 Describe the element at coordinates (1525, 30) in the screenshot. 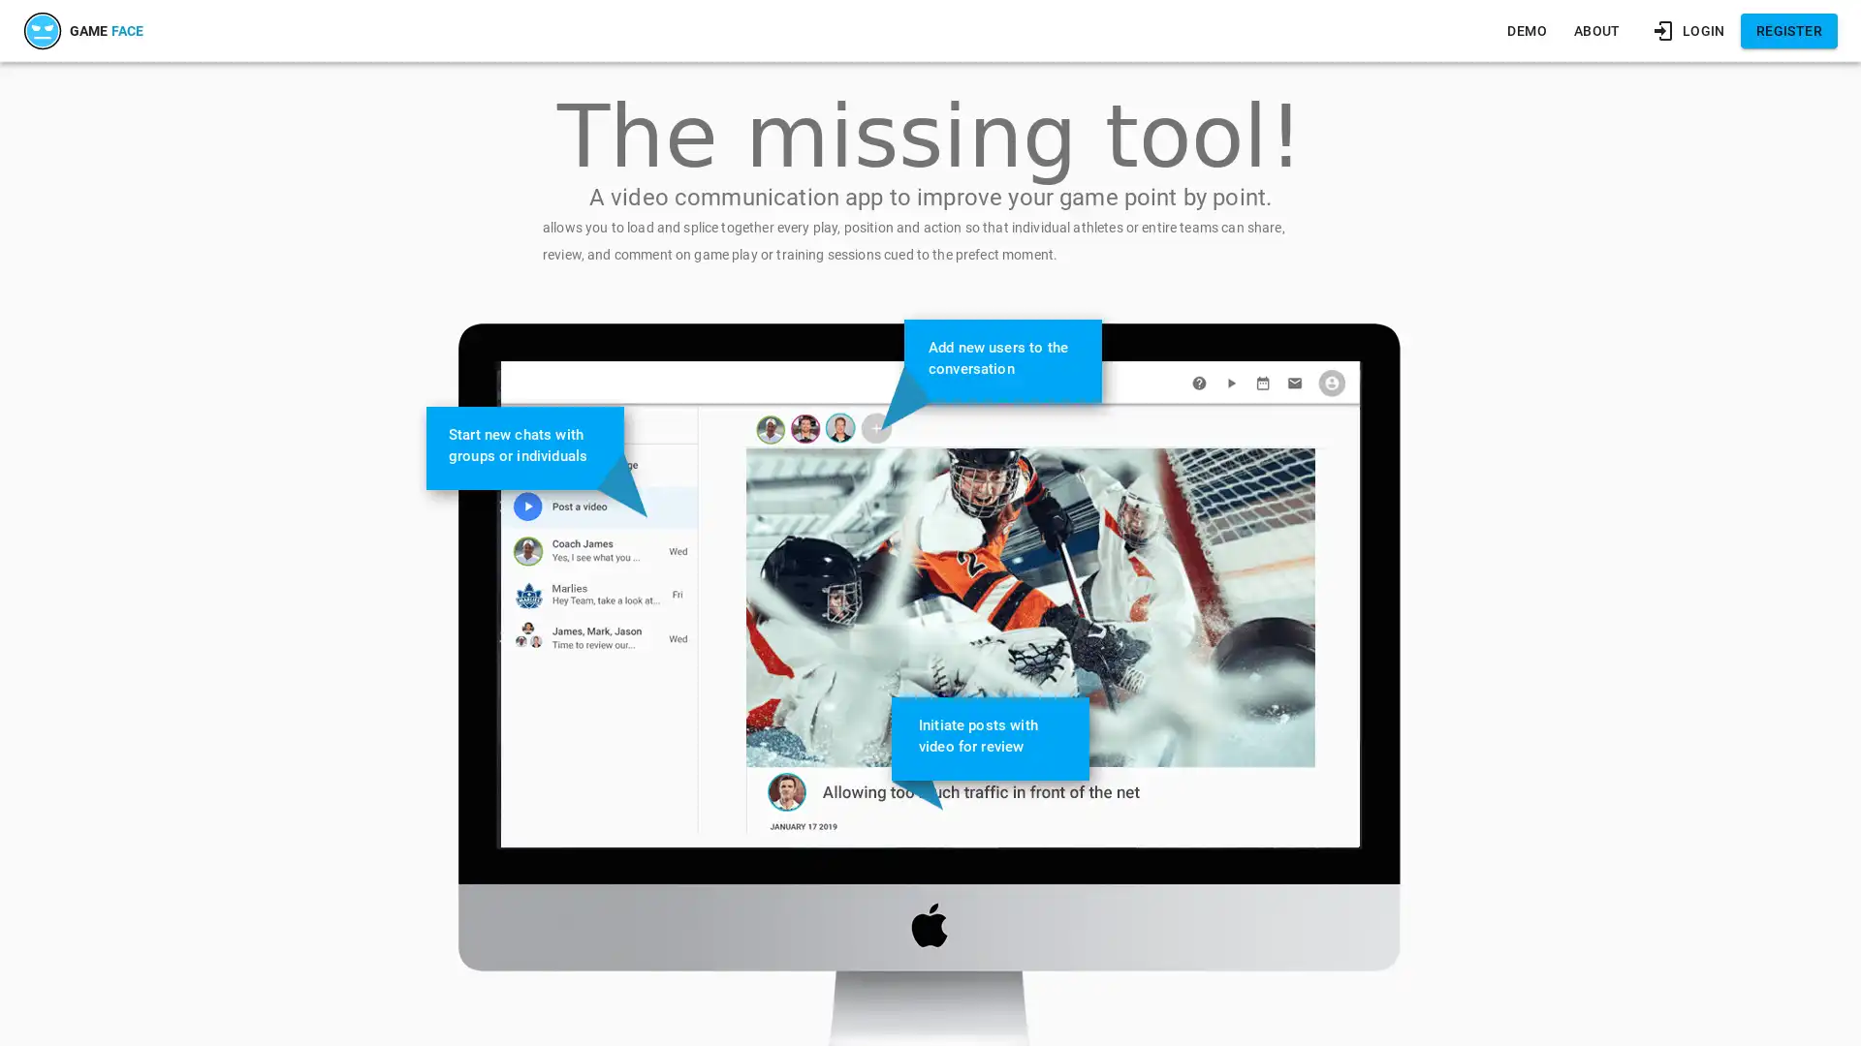

I see `DEMO` at that location.